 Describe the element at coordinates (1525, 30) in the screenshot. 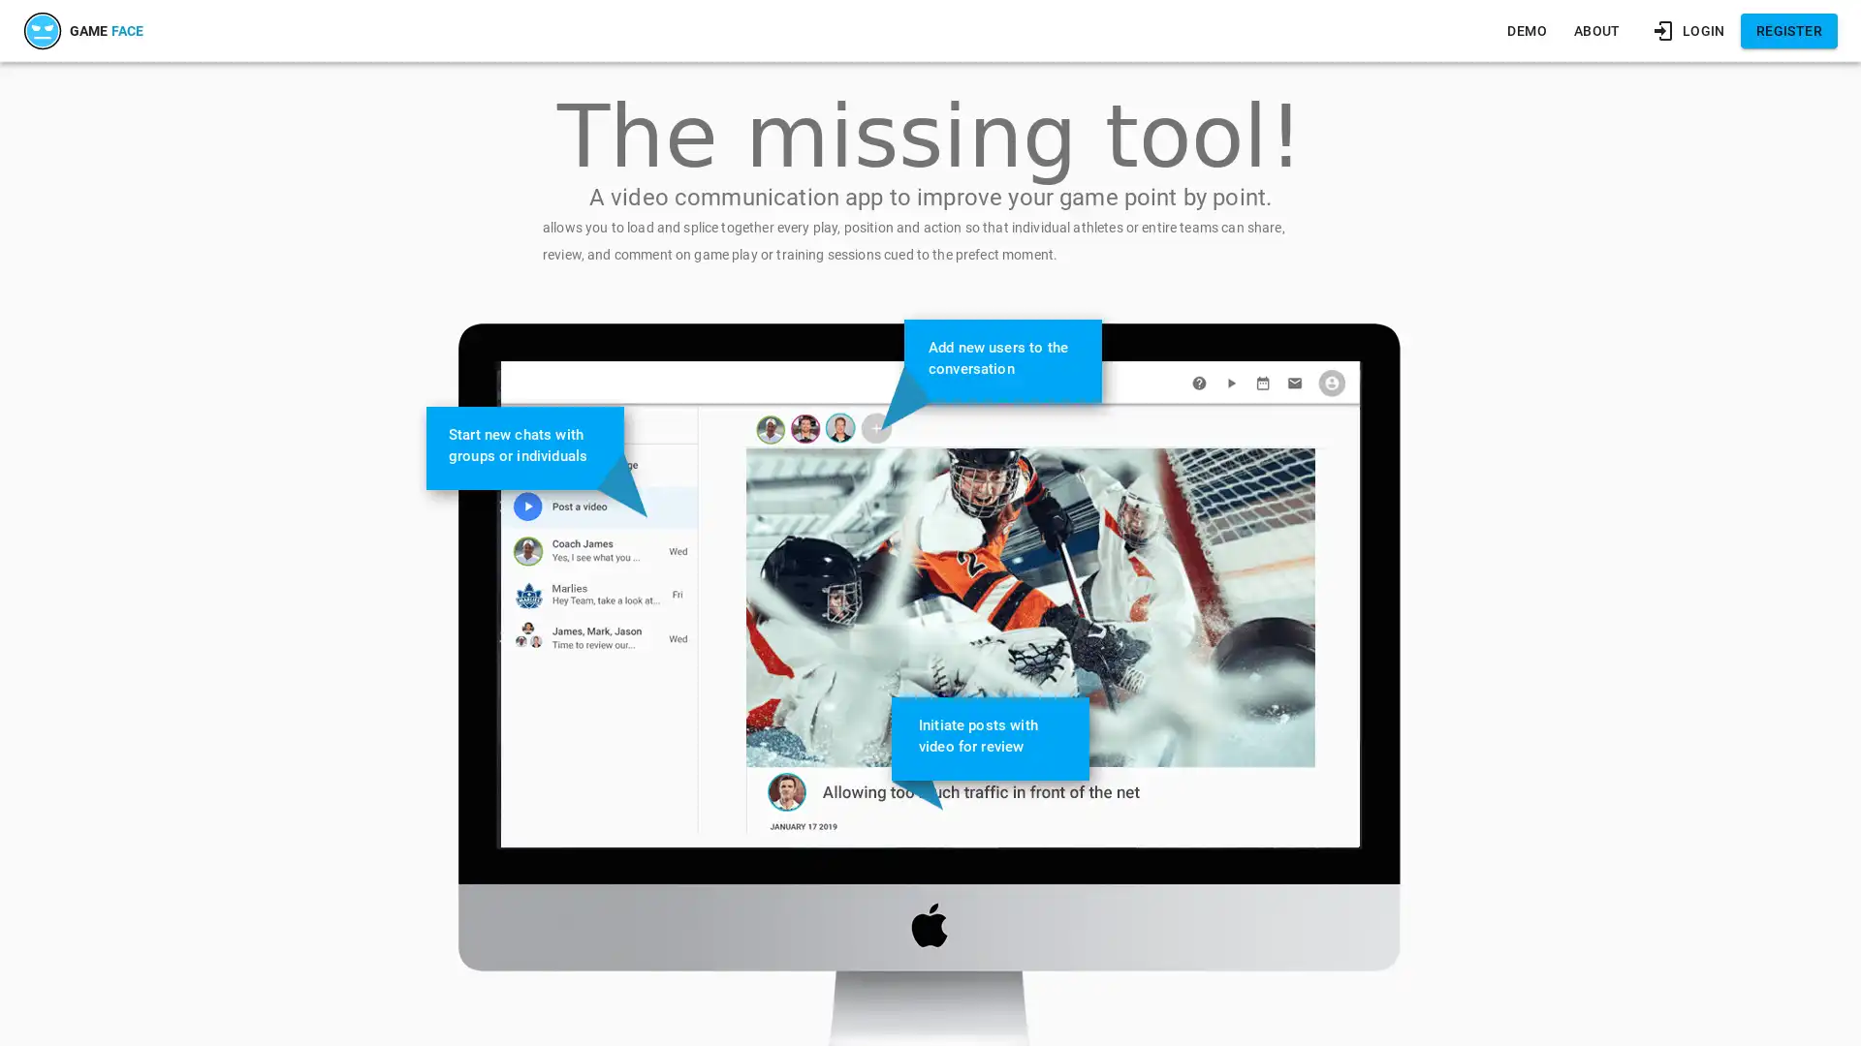

I see `DEMO` at that location.